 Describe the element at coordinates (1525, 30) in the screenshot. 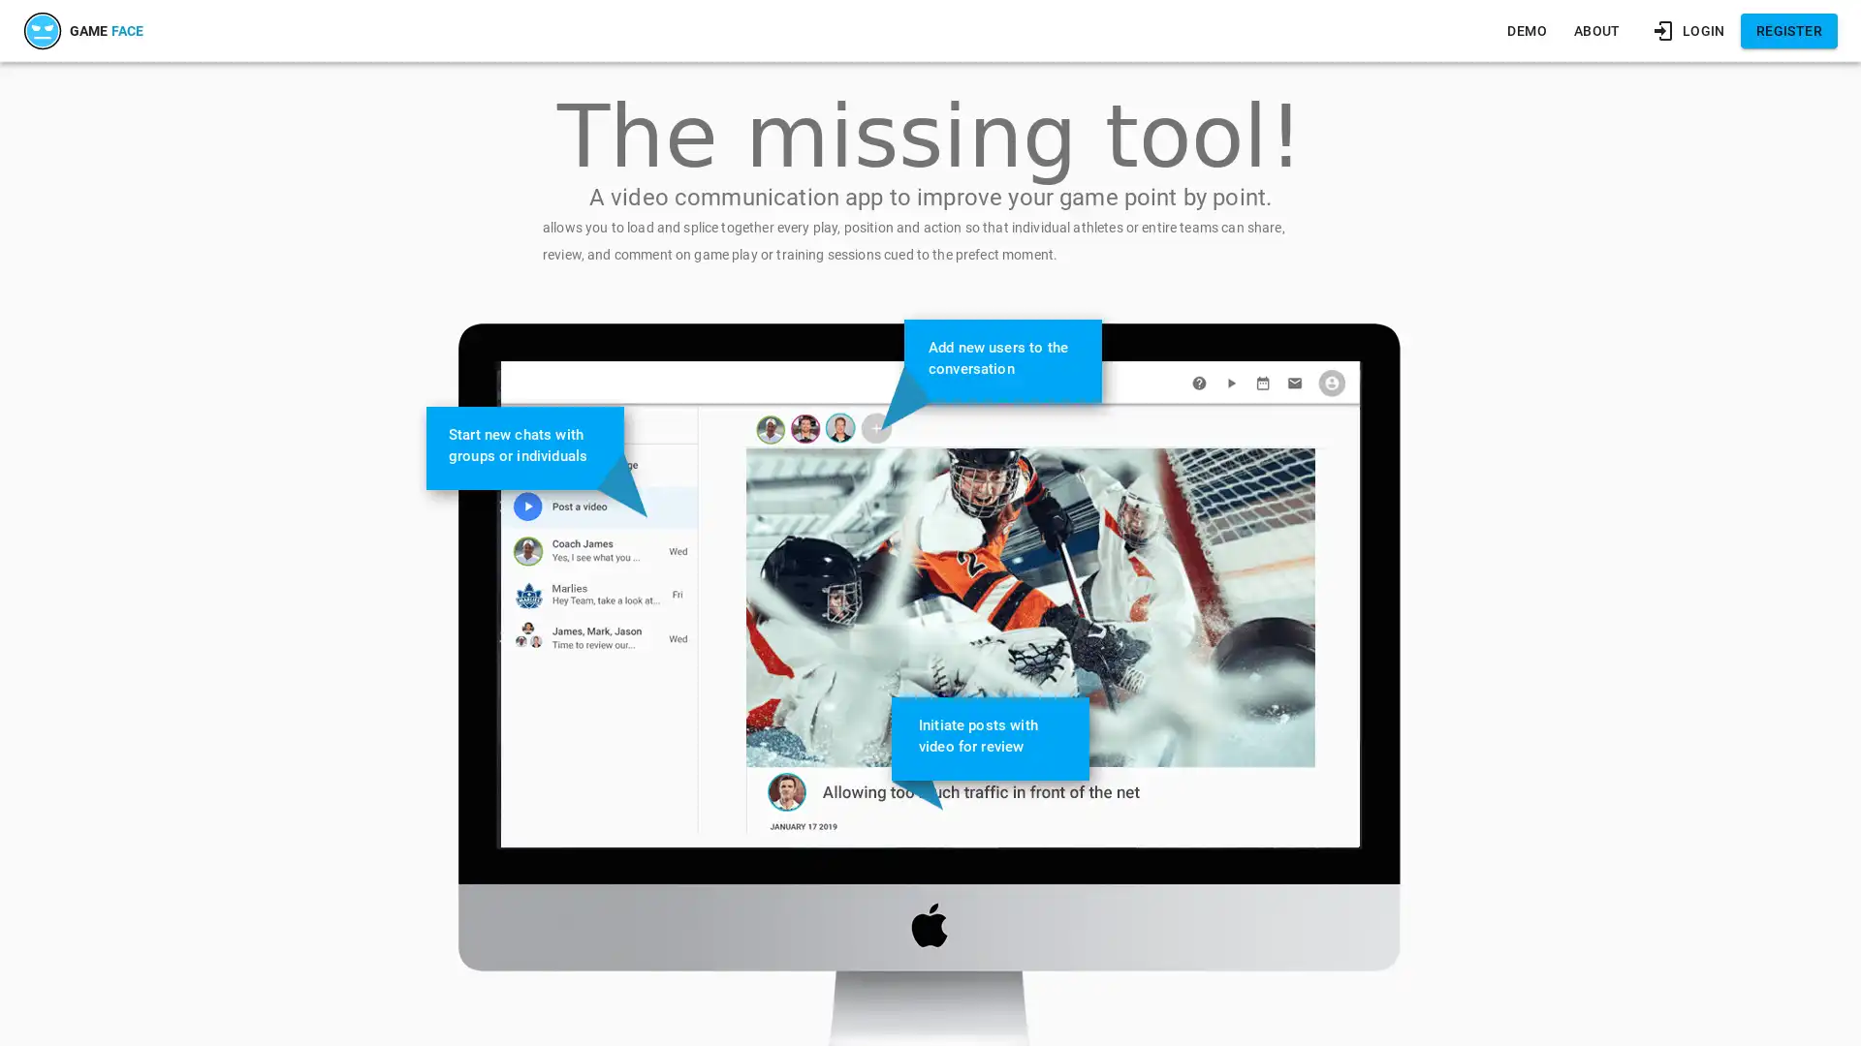

I see `DEMO` at that location.